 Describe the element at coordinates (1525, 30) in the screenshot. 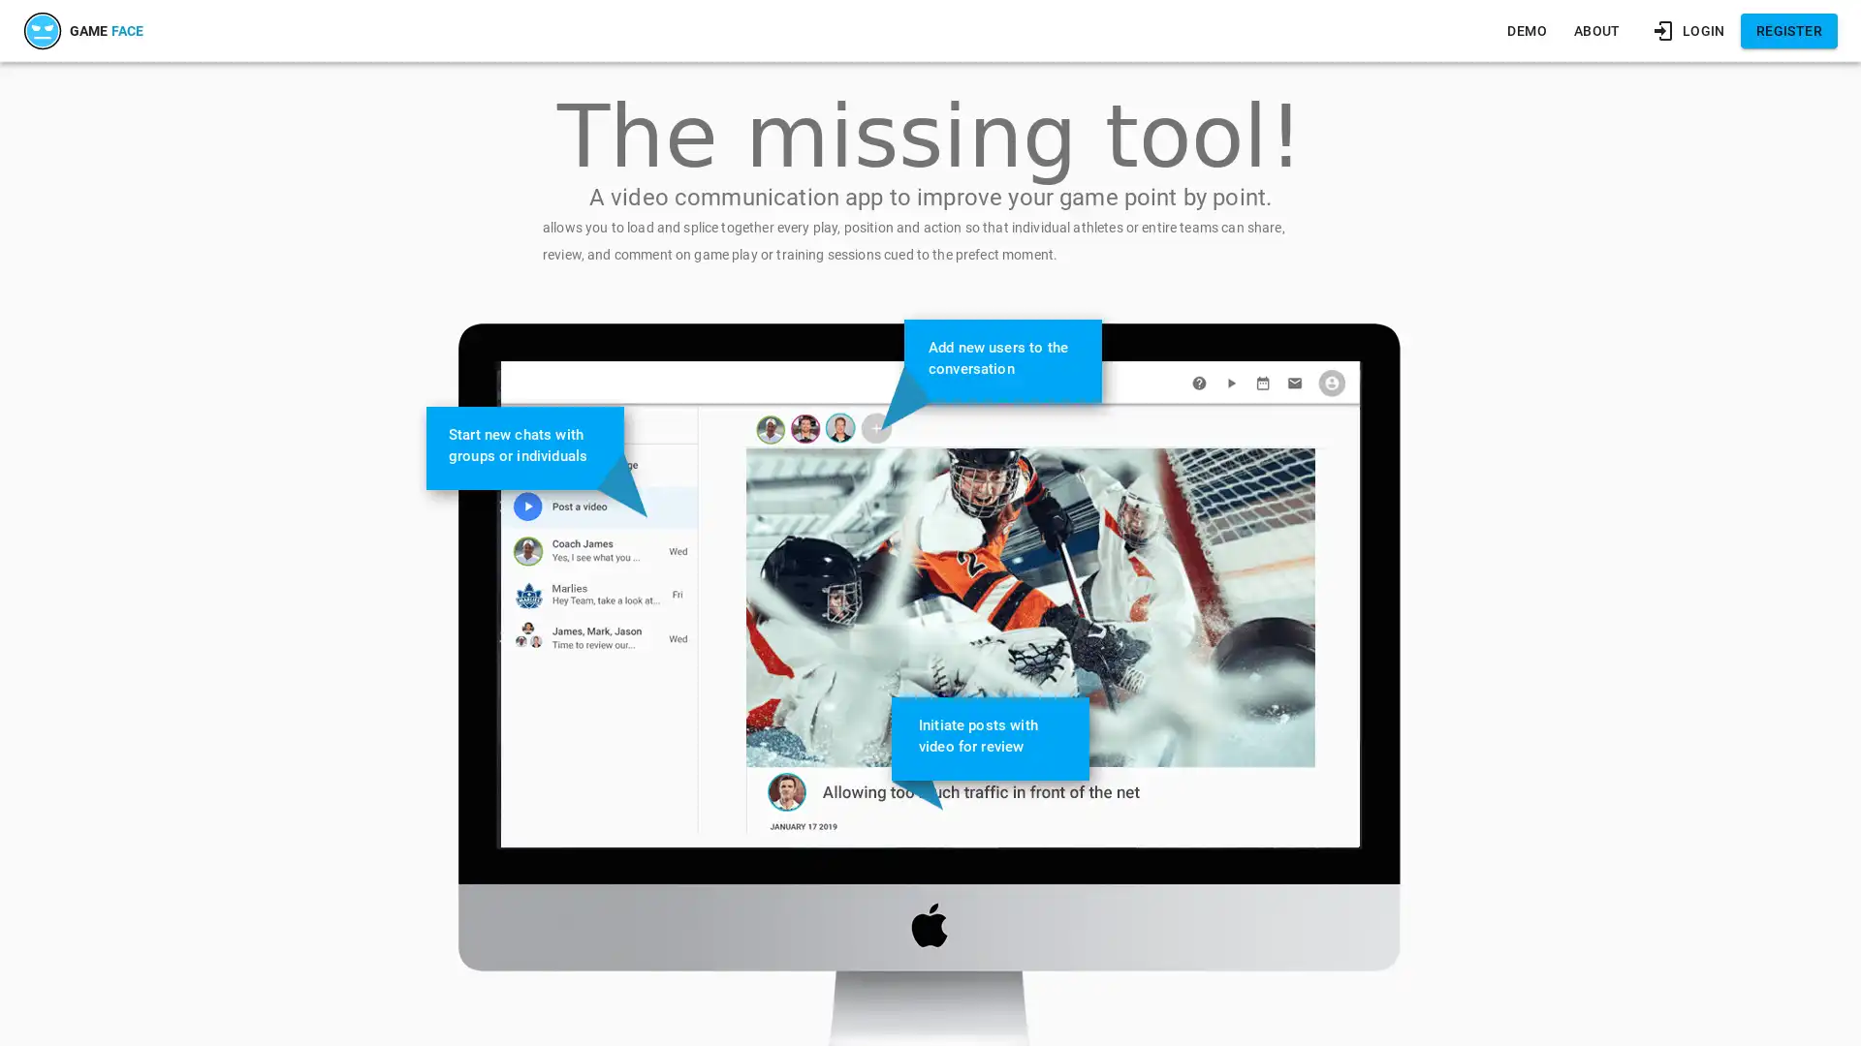

I see `DEMO` at that location.